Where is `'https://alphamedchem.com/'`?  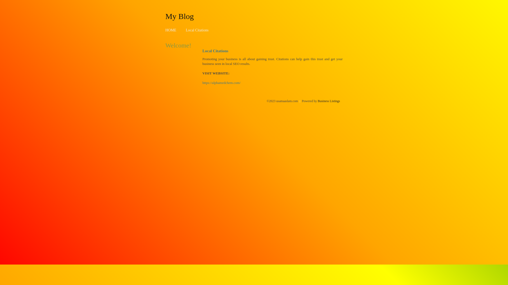
'https://alphamedchem.com/' is located at coordinates (221, 83).